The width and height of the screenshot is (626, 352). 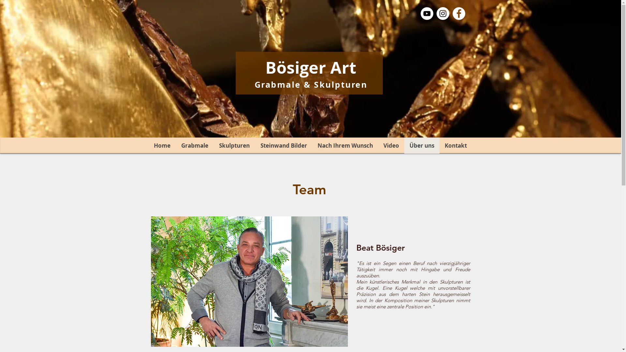 I want to click on 'Kontakt', so click(x=455, y=145).